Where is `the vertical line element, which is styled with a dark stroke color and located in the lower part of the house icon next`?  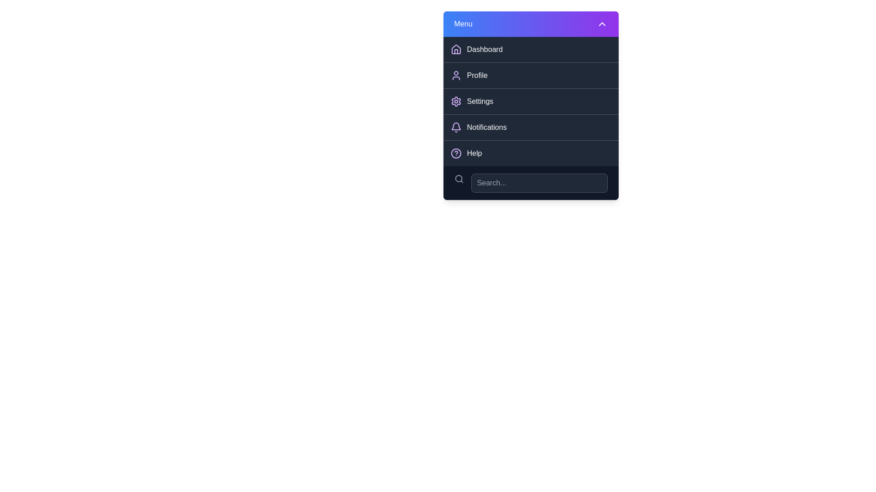
the vertical line element, which is styled with a dark stroke color and located in the lower part of the house icon next is located at coordinates (456, 51).